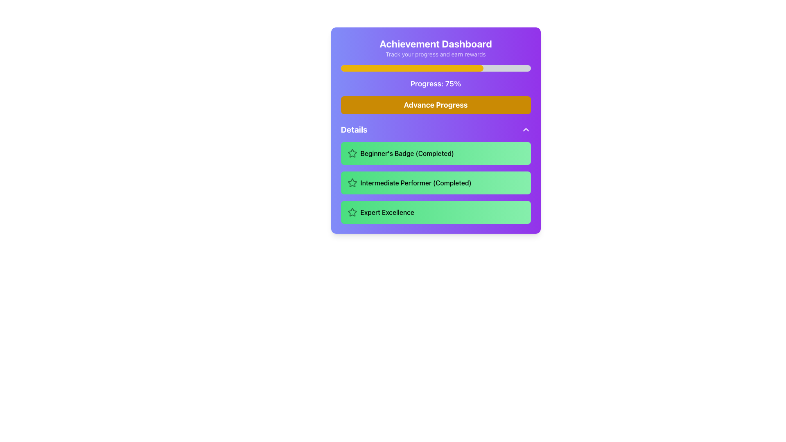 This screenshot has width=786, height=442. What do you see at coordinates (435, 153) in the screenshot?
I see `the first static badge component labeled 'Beginner's Badge (Completed)' with a gradient background and a pulsating star icon, located under the 'Details' section` at bounding box center [435, 153].